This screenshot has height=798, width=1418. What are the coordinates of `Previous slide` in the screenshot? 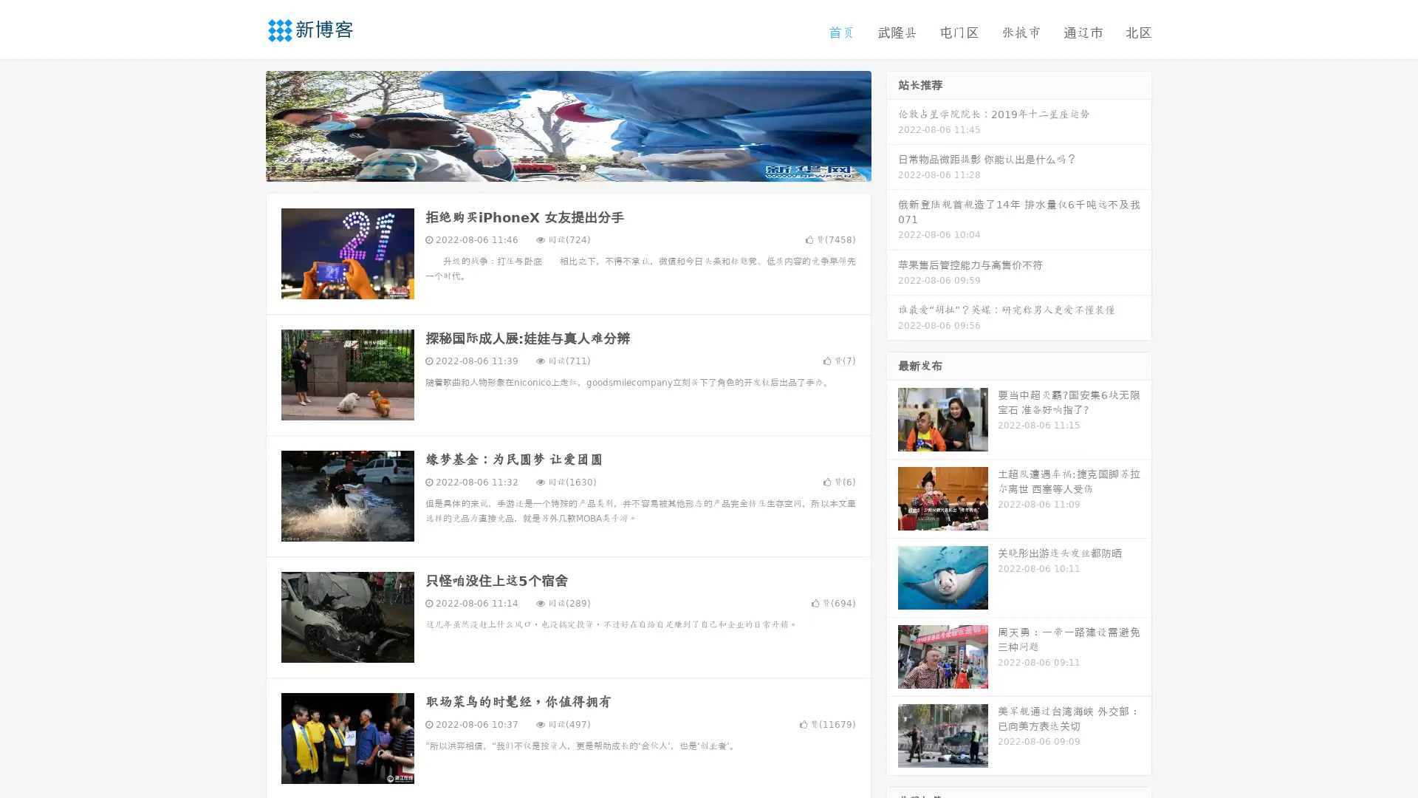 It's located at (244, 124).